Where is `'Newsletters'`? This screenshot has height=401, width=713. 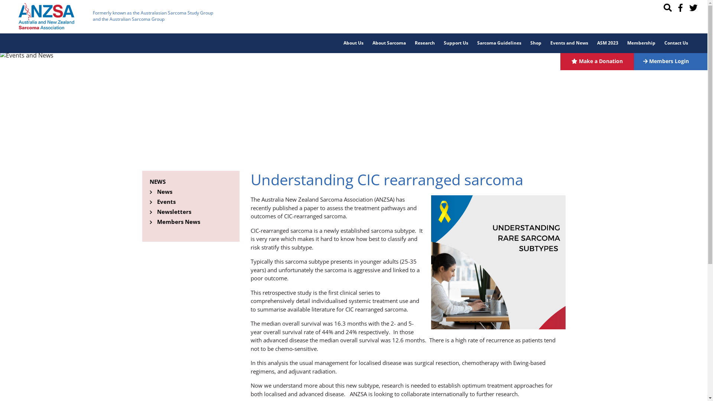
'Newsletters' is located at coordinates (173, 212).